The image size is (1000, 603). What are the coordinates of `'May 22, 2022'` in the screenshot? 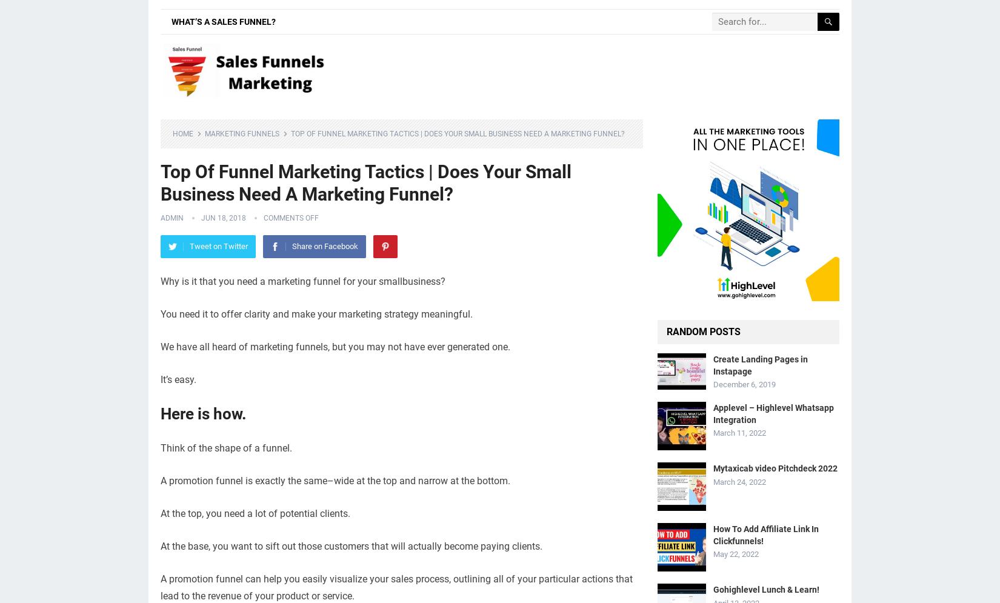 It's located at (736, 553).